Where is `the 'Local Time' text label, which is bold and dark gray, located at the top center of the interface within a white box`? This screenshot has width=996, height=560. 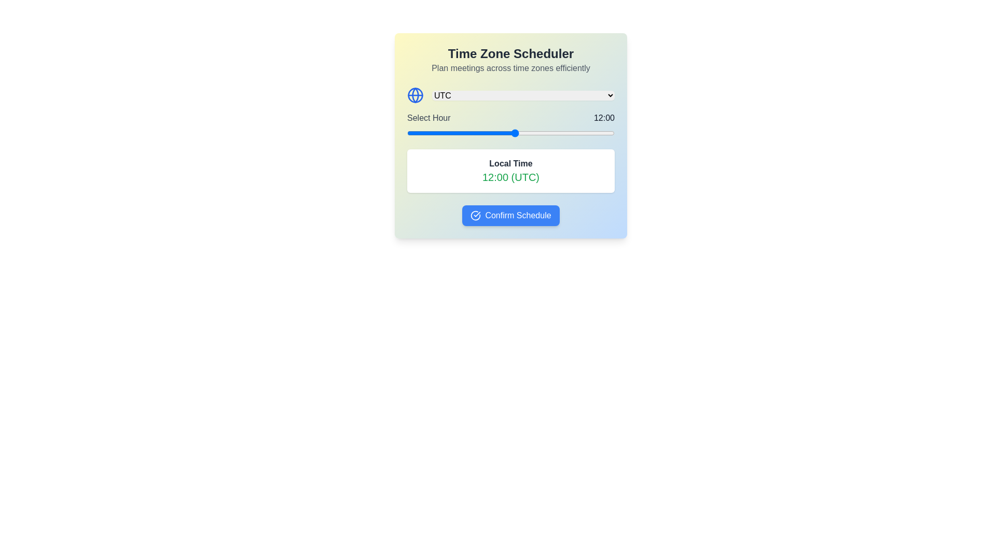 the 'Local Time' text label, which is bold and dark gray, located at the top center of the interface within a white box is located at coordinates (510, 163).